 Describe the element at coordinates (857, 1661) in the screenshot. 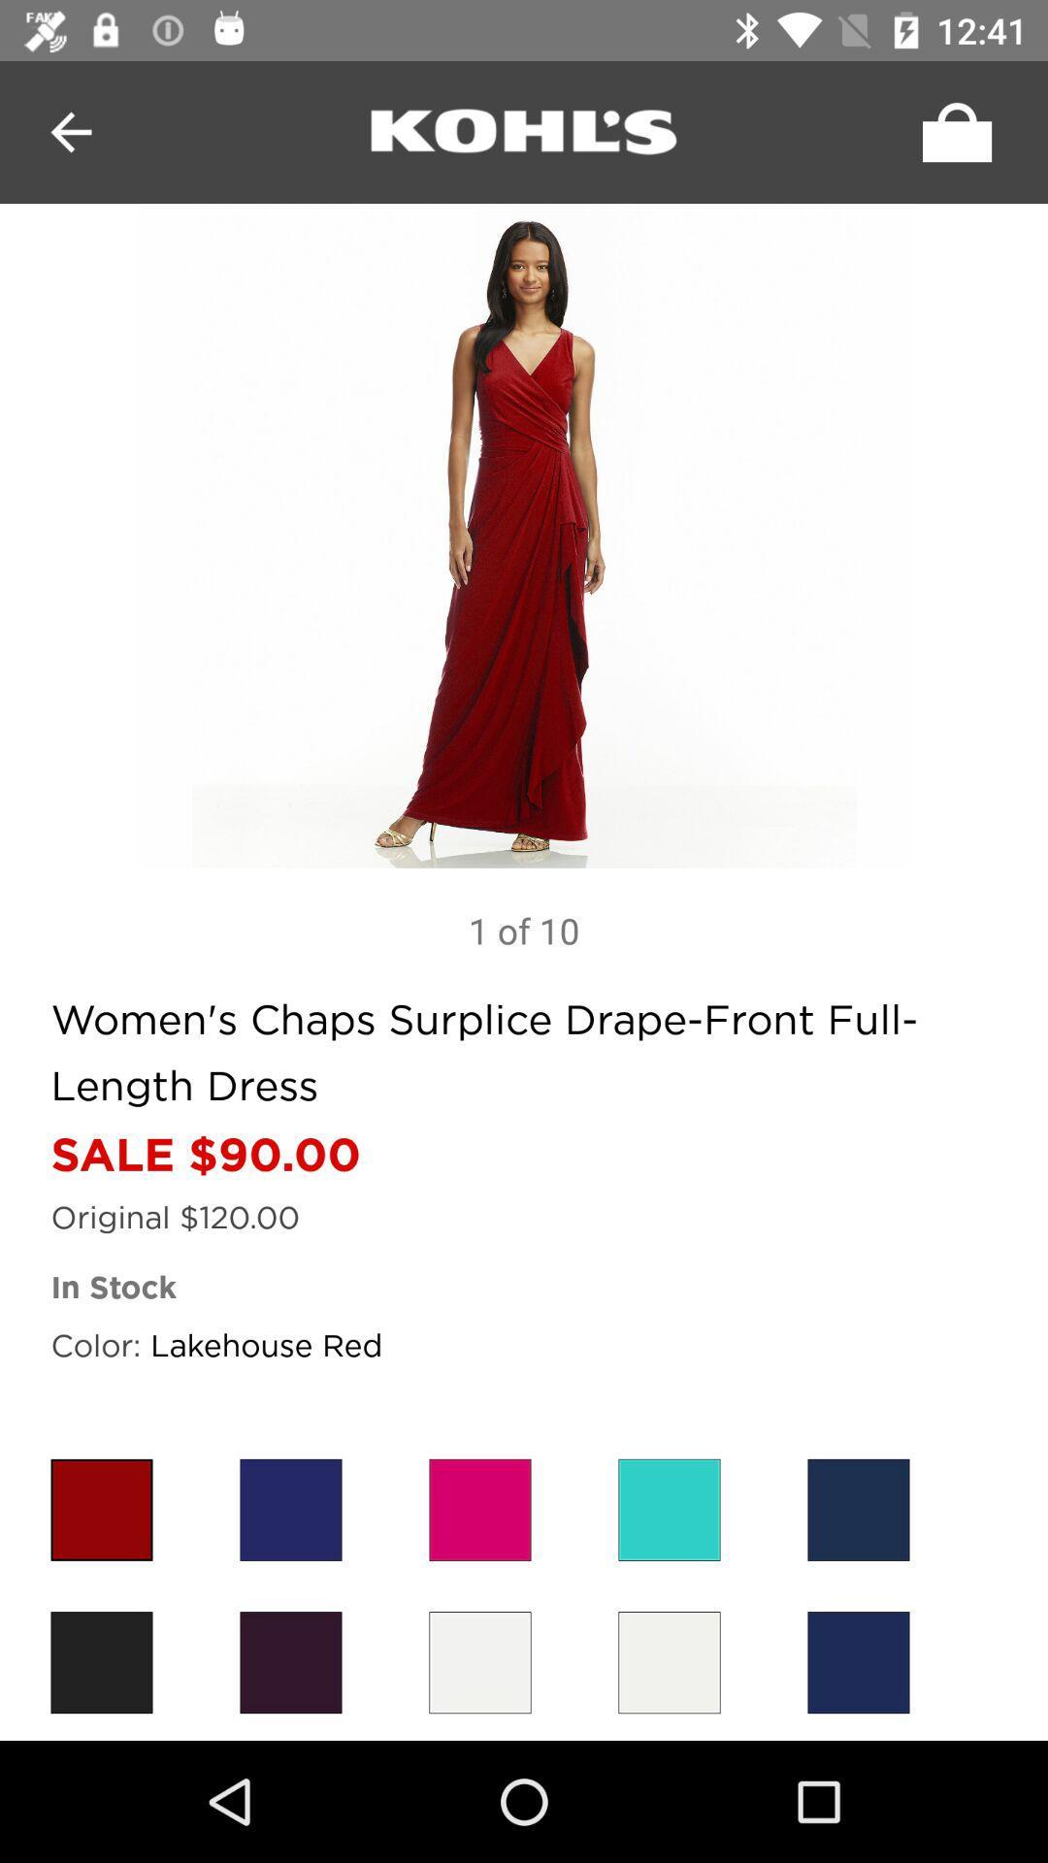

I see `color navy` at that location.